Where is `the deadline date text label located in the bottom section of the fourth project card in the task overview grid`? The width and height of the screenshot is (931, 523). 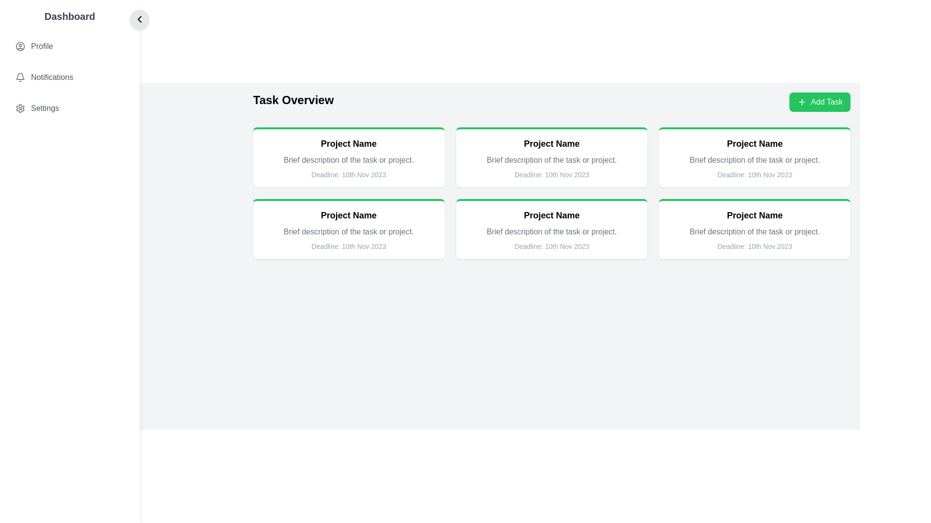
the deadline date text label located in the bottom section of the fourth project card in the task overview grid is located at coordinates (551, 246).